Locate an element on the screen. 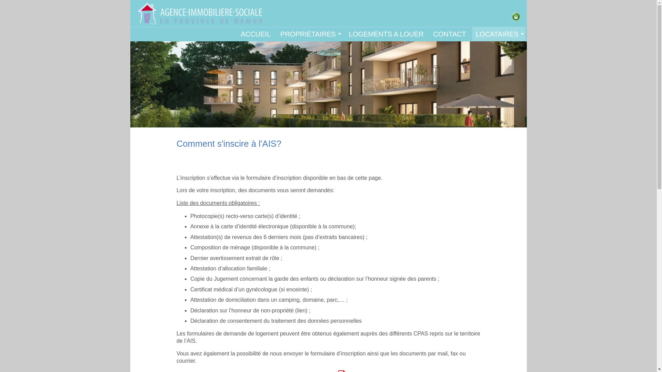 This screenshot has height=372, width=662. 'ACCUEIL' is located at coordinates (255, 34).